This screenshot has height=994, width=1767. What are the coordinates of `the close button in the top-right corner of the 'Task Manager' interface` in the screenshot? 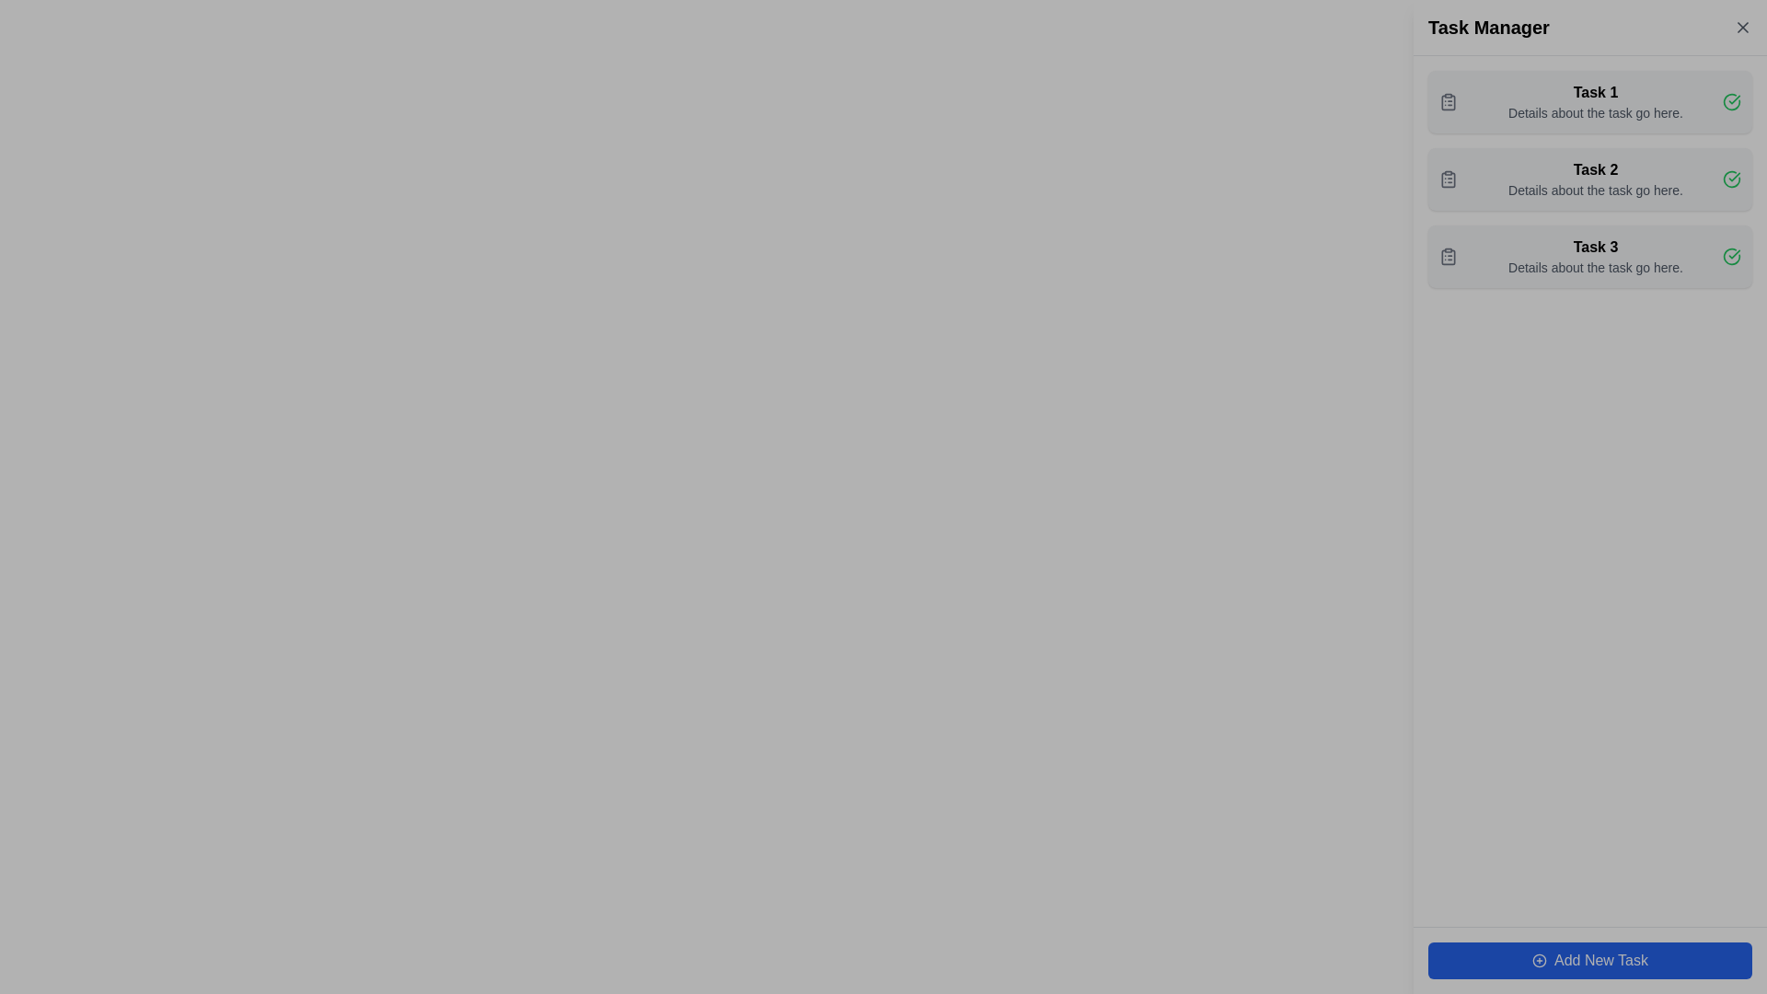 It's located at (1742, 28).